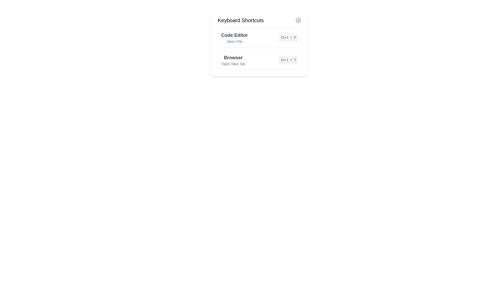 The image size is (502, 282). Describe the element at coordinates (233, 64) in the screenshot. I see `the Text Label indicating the functionality associated with the 'Browser' section, located under the 'Browser' header in the 'Keyboard Shortcuts' list` at that location.